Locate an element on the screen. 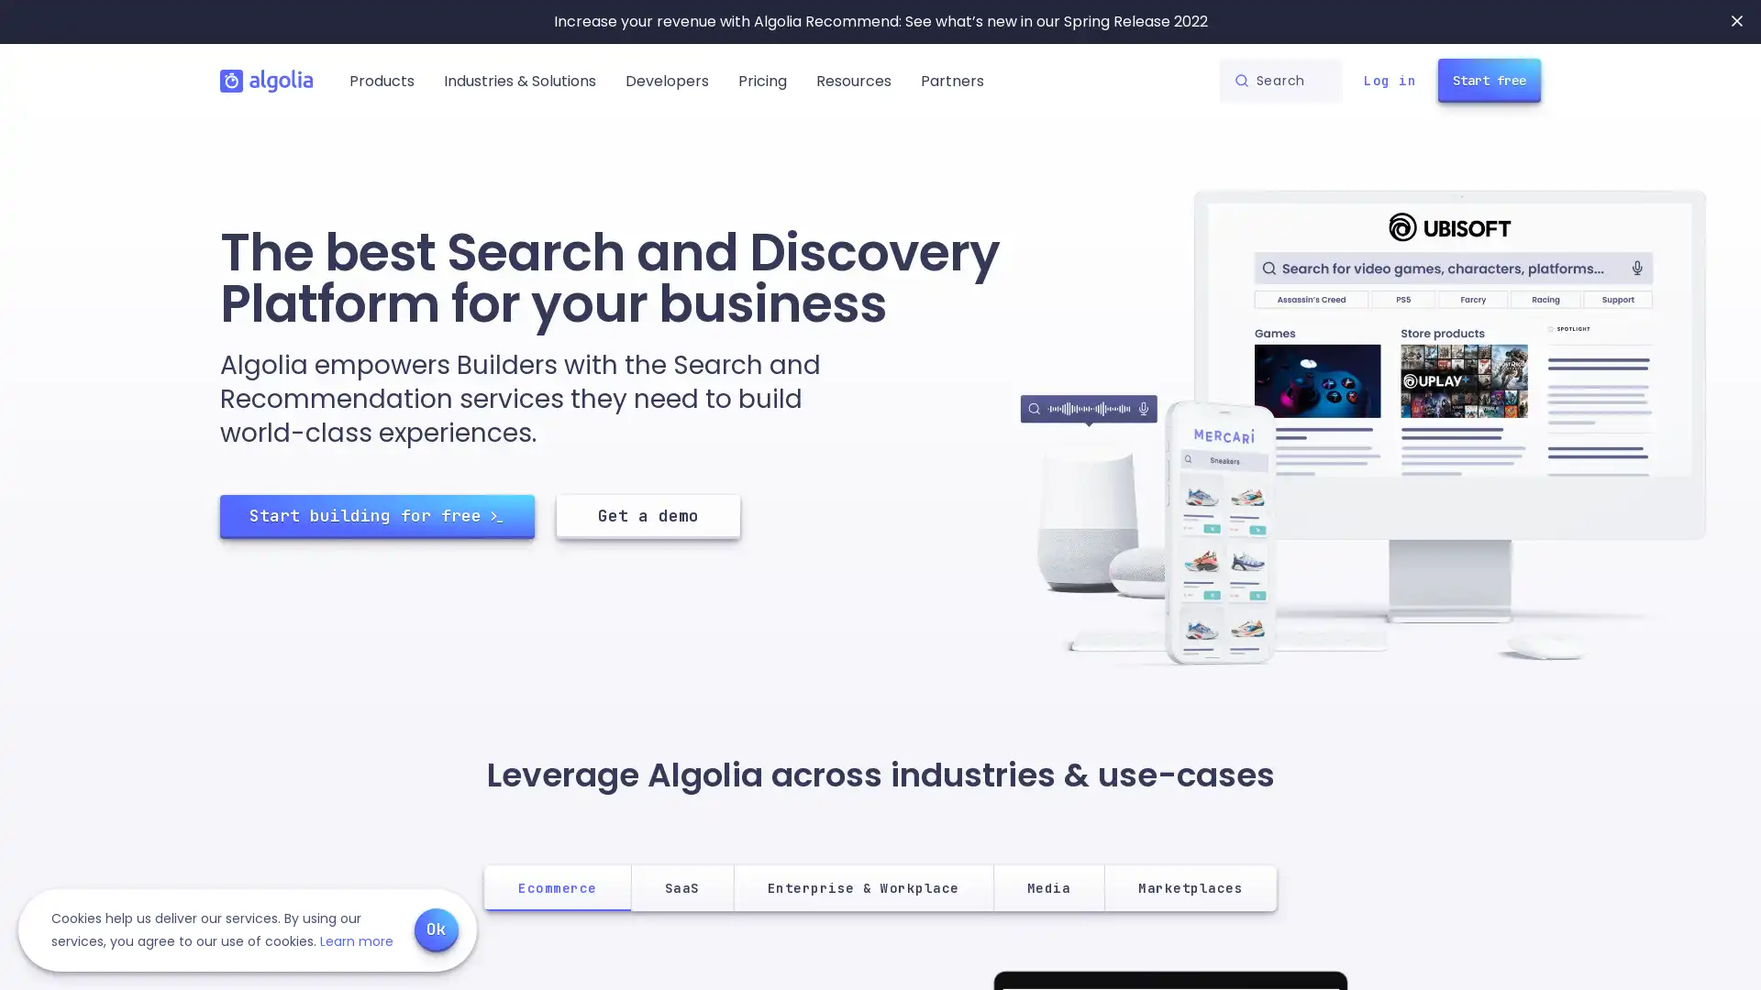 The width and height of the screenshot is (1761, 990). Ecommerce is located at coordinates (556, 886).